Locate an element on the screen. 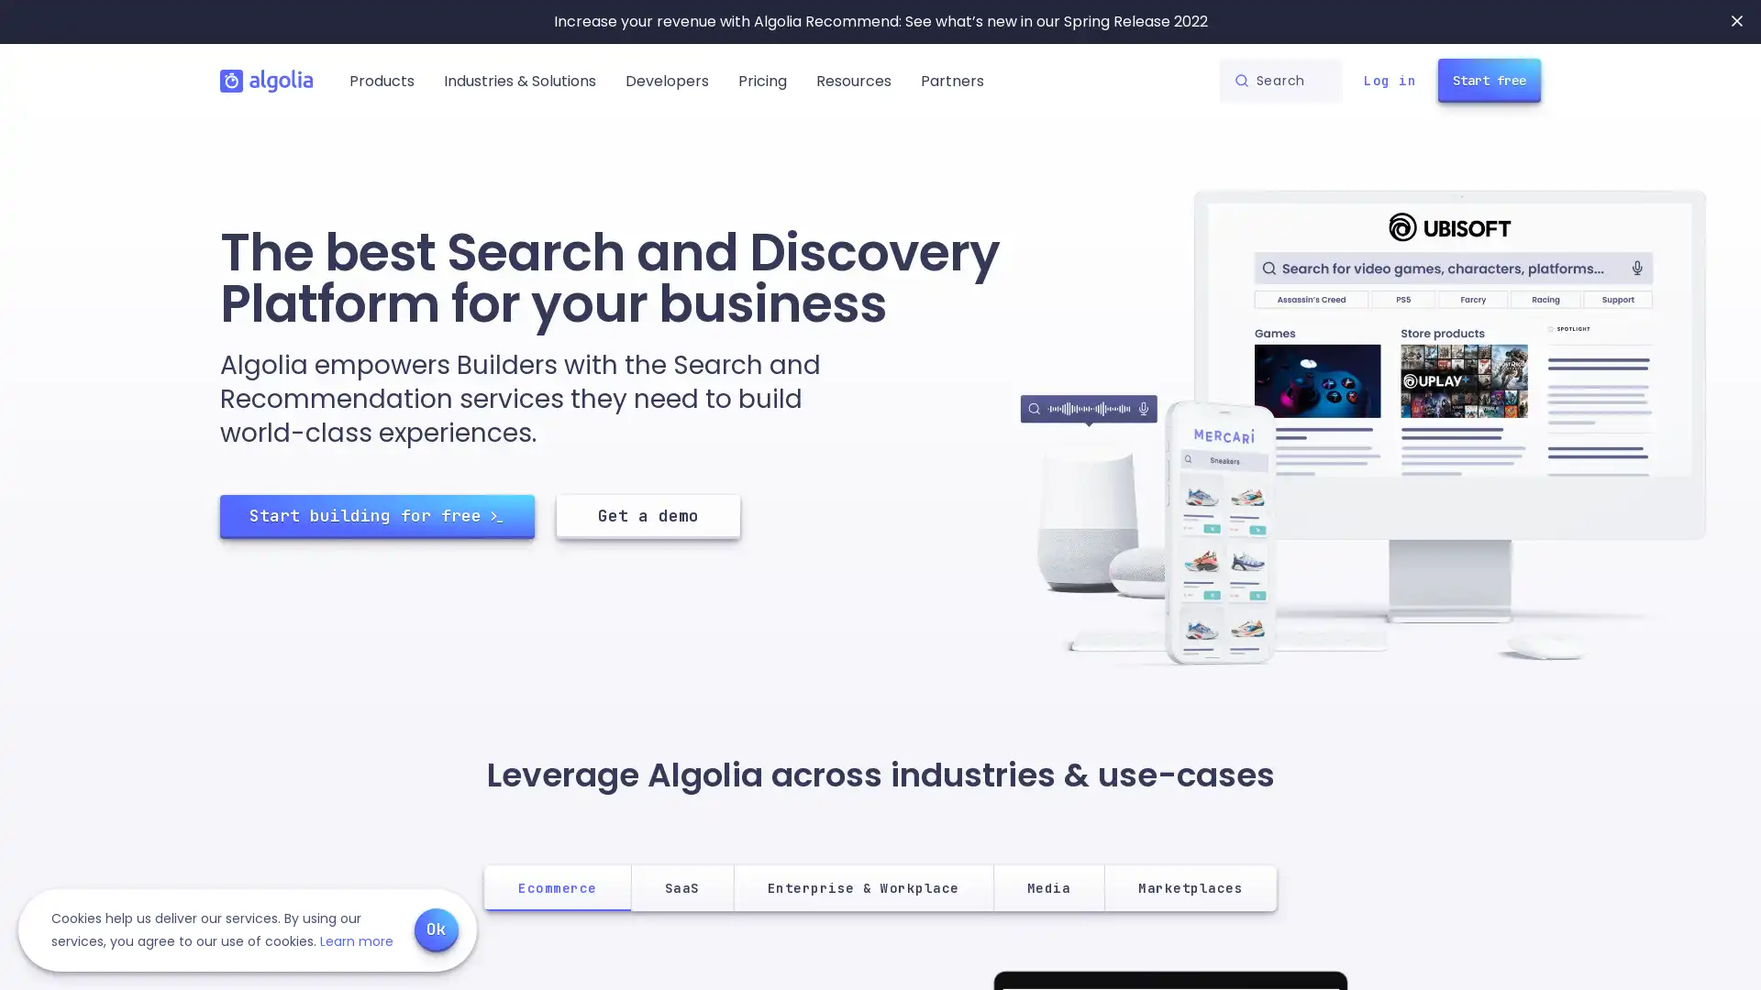 The width and height of the screenshot is (1761, 990). Ecommerce is located at coordinates (556, 886).